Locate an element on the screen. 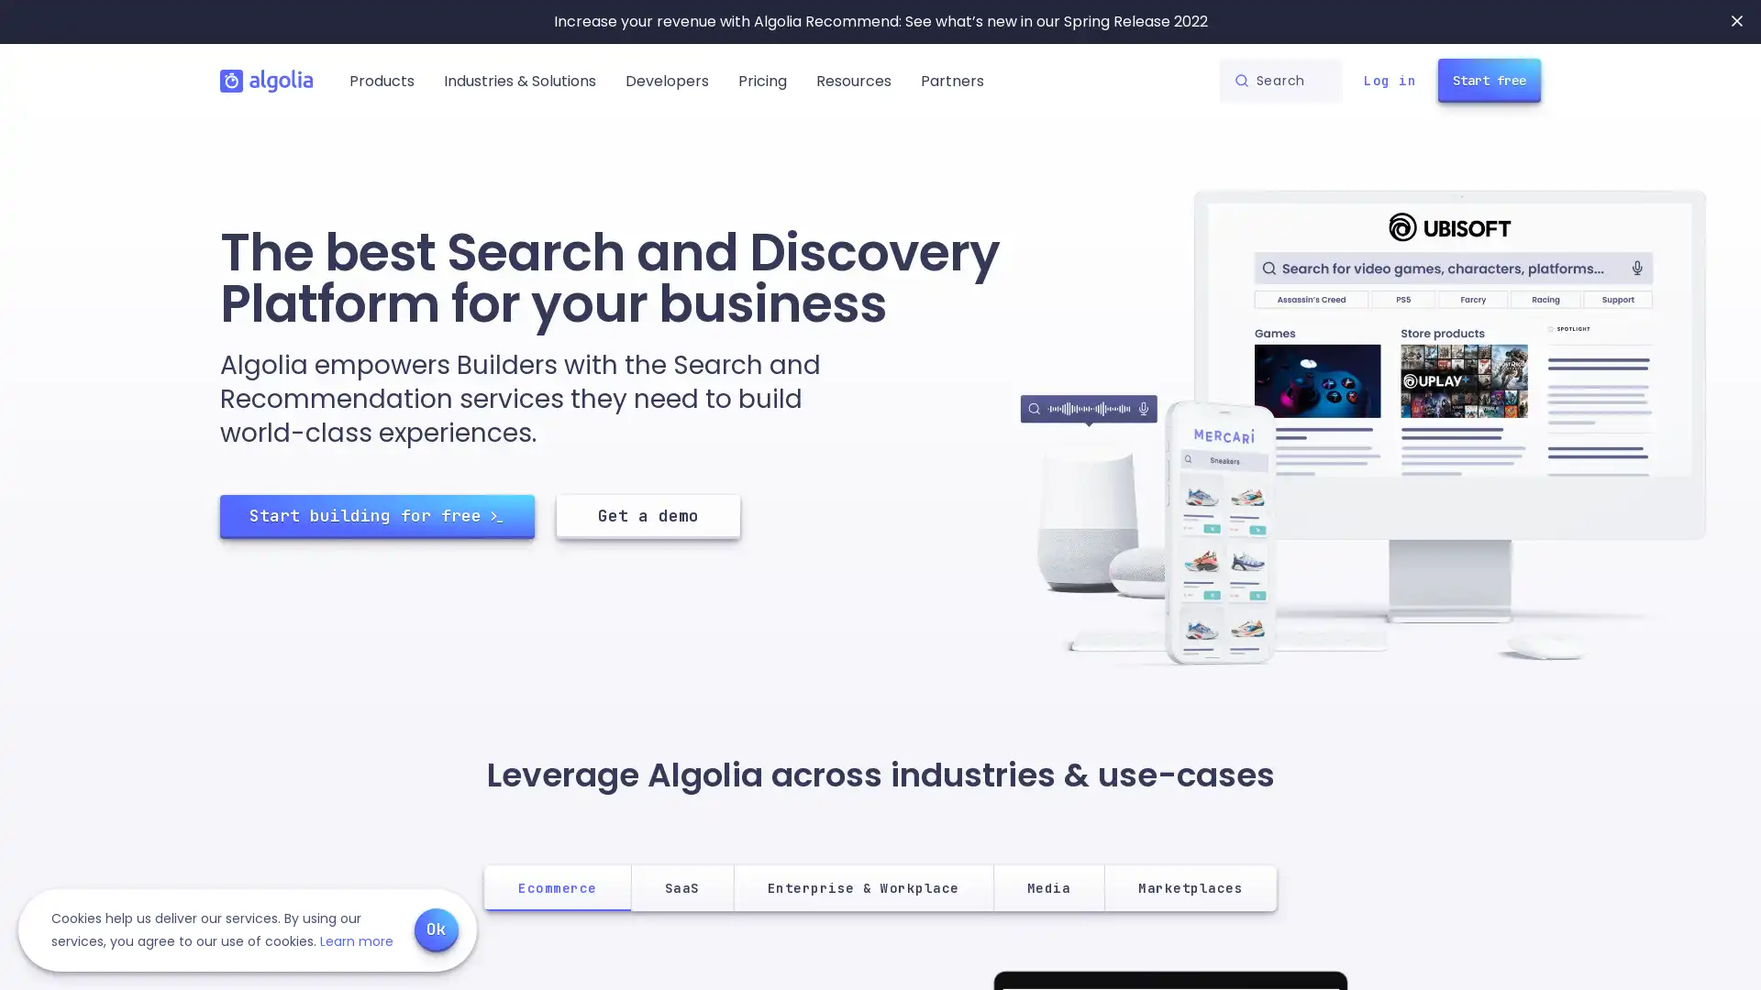 The width and height of the screenshot is (1761, 990). Ecommerce is located at coordinates (556, 886).